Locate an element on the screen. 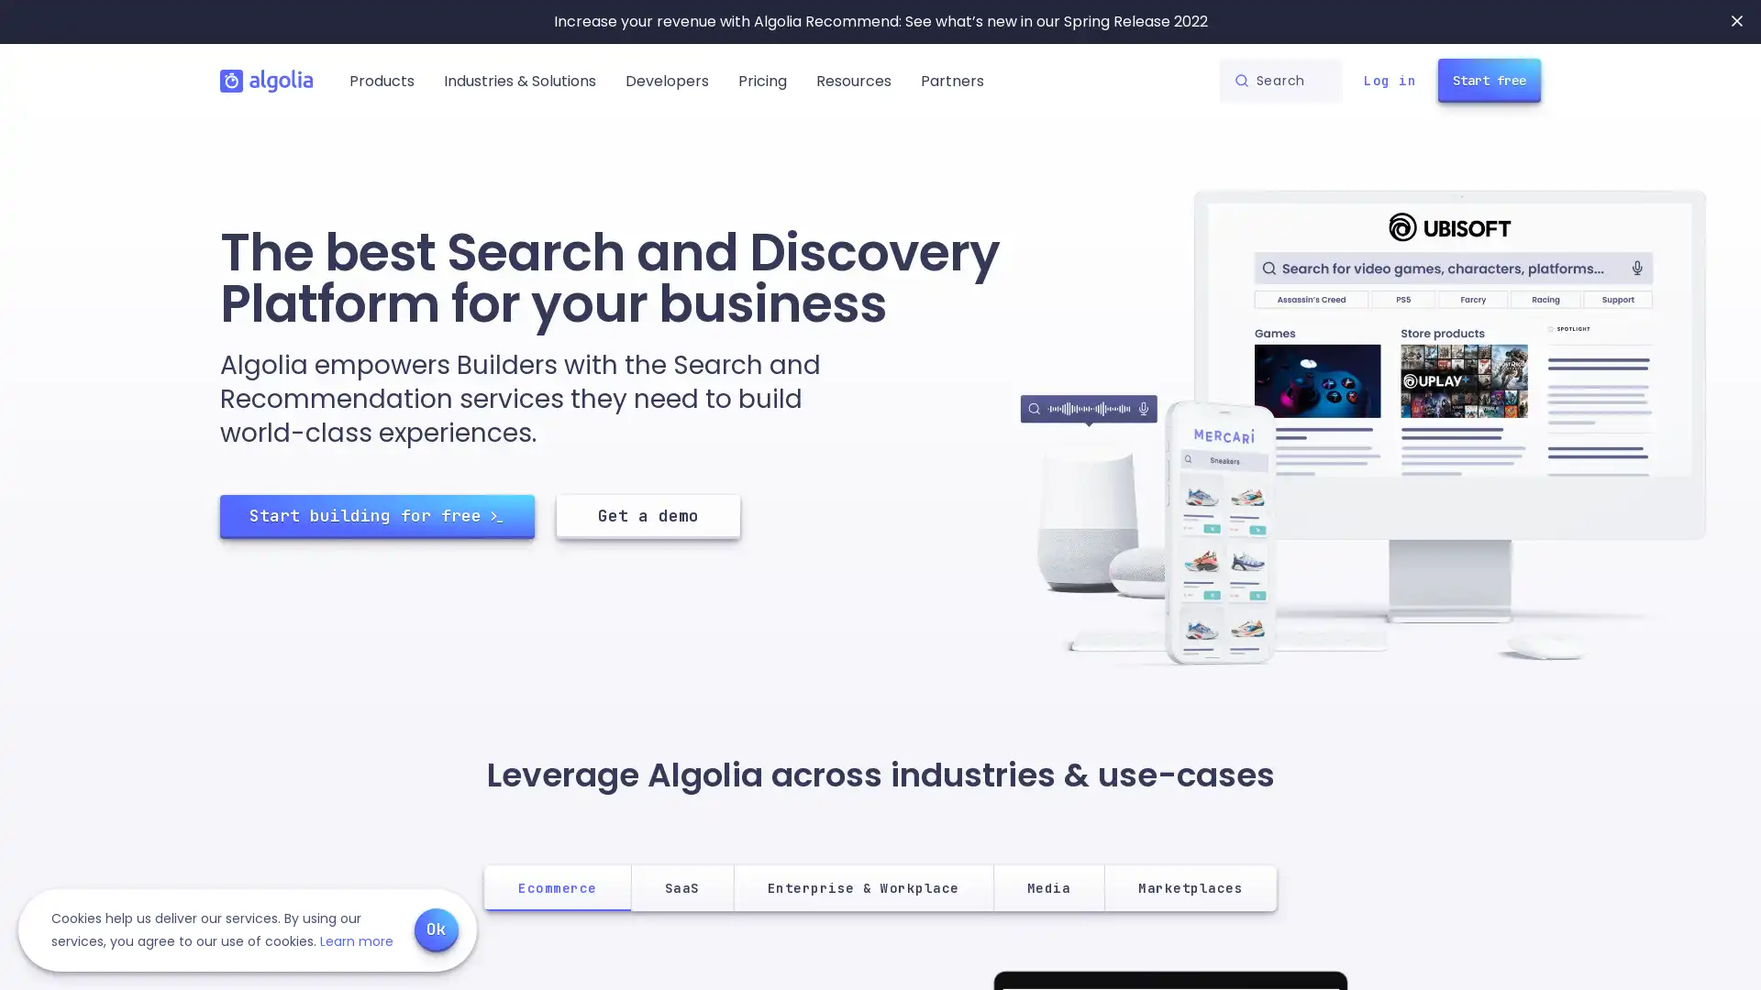 The width and height of the screenshot is (1761, 990). Ecommerce is located at coordinates (556, 886).